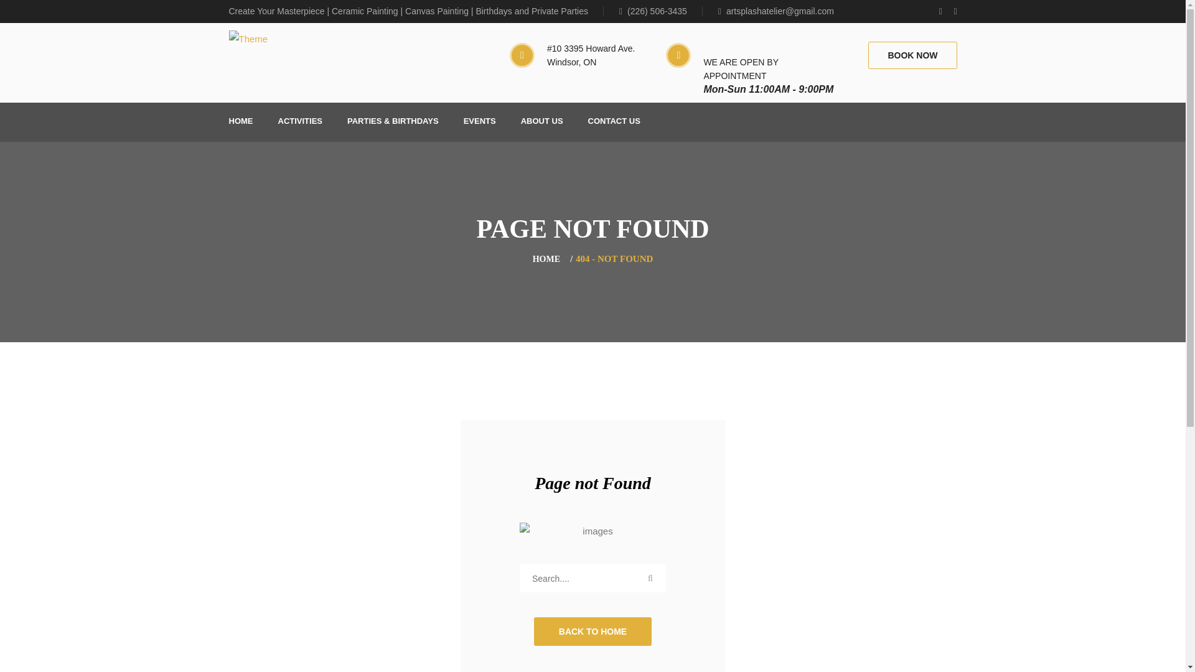 This screenshot has width=1195, height=672. I want to click on 'artsplashatelier@gmail.com', so click(776, 11).